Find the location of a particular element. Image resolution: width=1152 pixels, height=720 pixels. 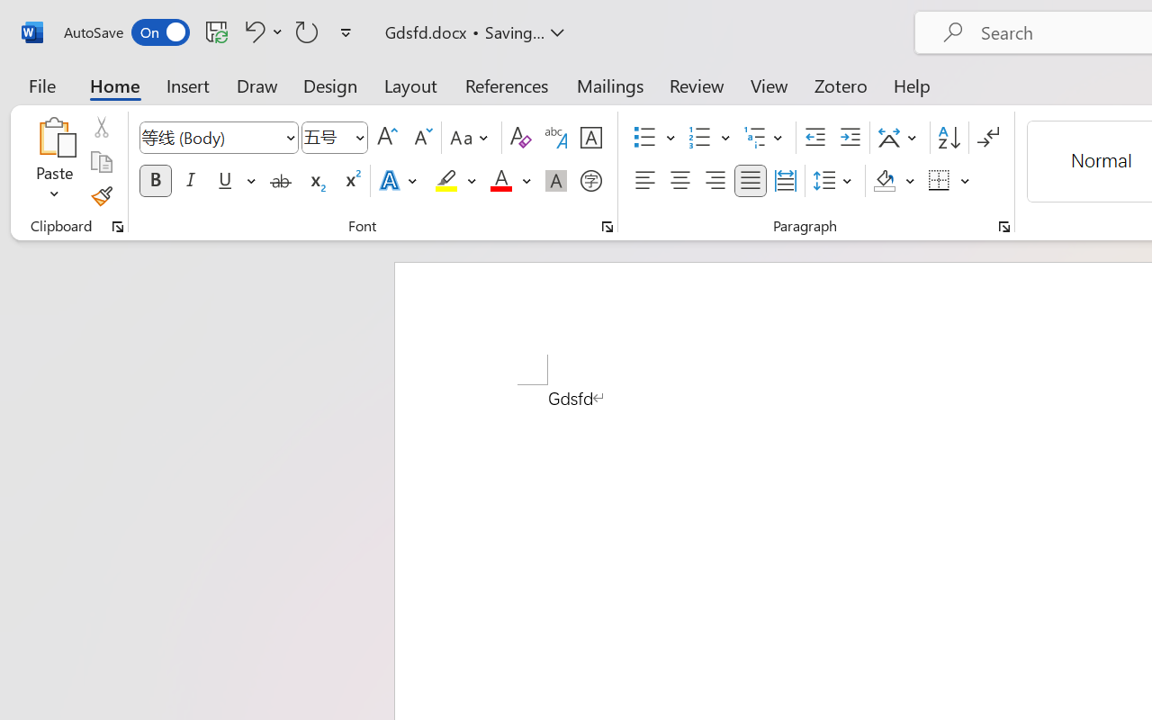

'Font Color' is located at coordinates (509, 181).